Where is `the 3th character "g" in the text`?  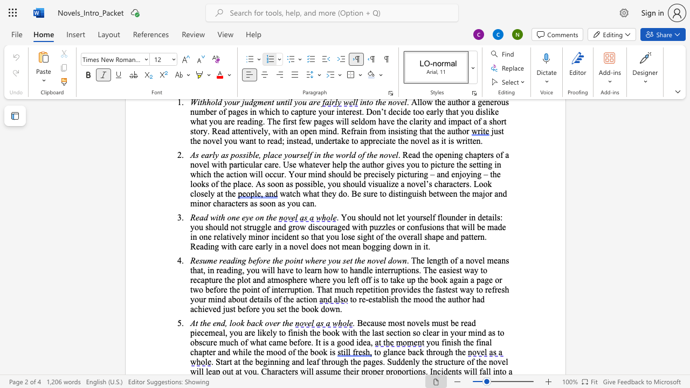 the 3th character "g" in the text is located at coordinates (373, 246).